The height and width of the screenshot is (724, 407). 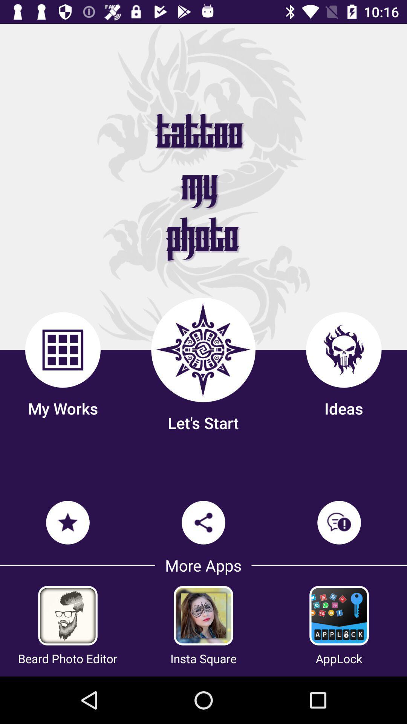 I want to click on item to the right of insta square, so click(x=338, y=658).